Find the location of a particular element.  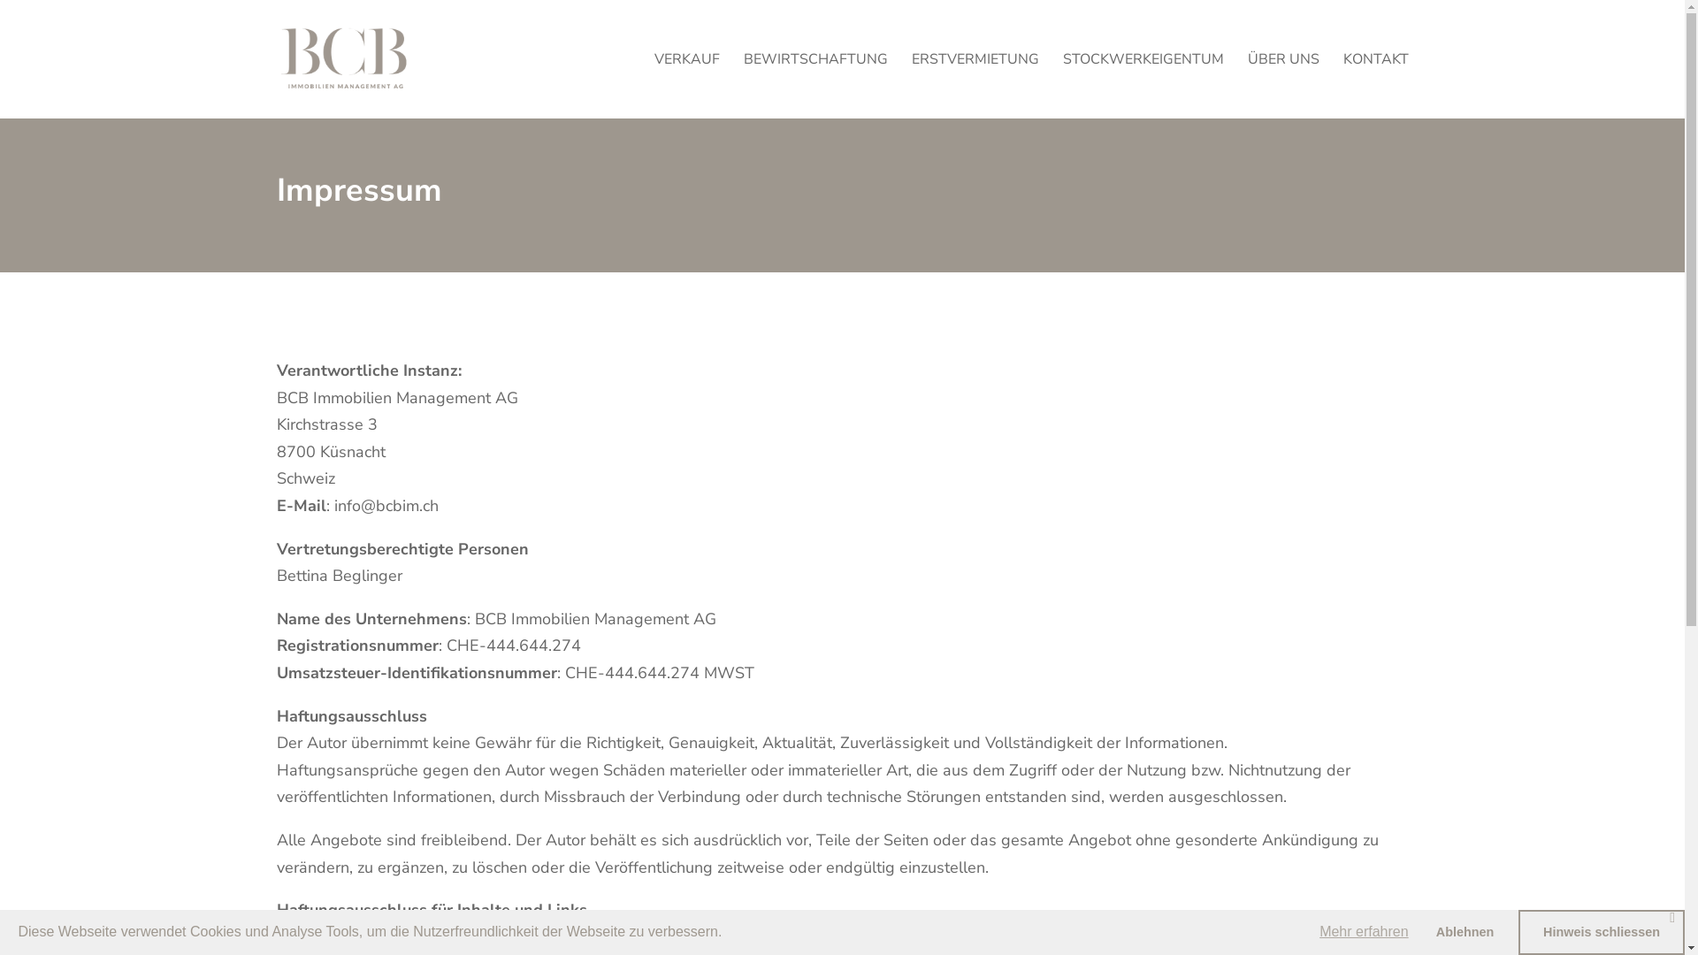

'ERSTVERMIETUNG' is located at coordinates (974, 85).